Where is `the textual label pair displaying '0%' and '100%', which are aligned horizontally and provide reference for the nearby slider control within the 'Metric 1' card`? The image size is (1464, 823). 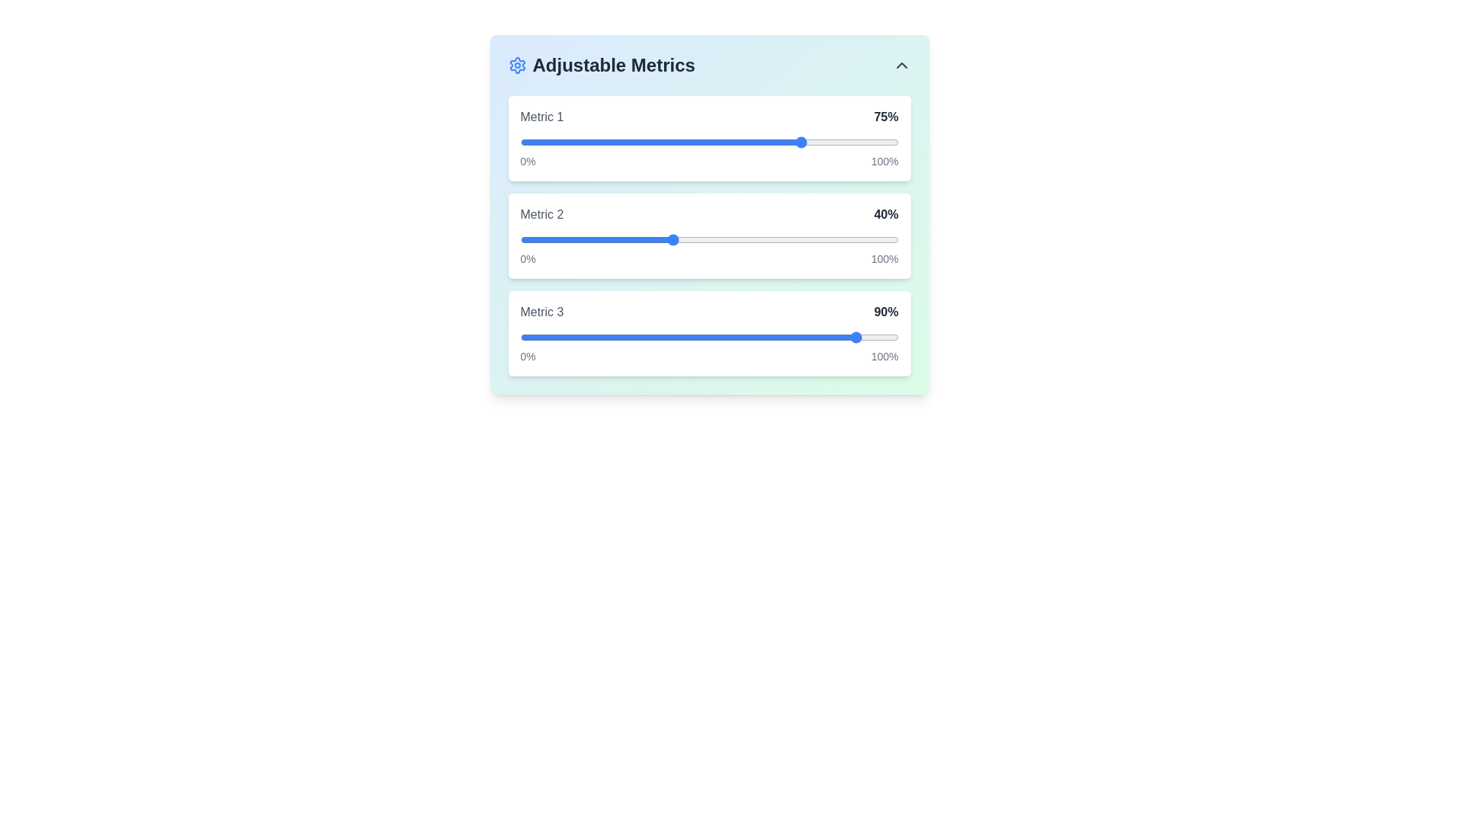 the textual label pair displaying '0%' and '100%', which are aligned horizontally and provide reference for the nearby slider control within the 'Metric 1' card is located at coordinates (708, 162).